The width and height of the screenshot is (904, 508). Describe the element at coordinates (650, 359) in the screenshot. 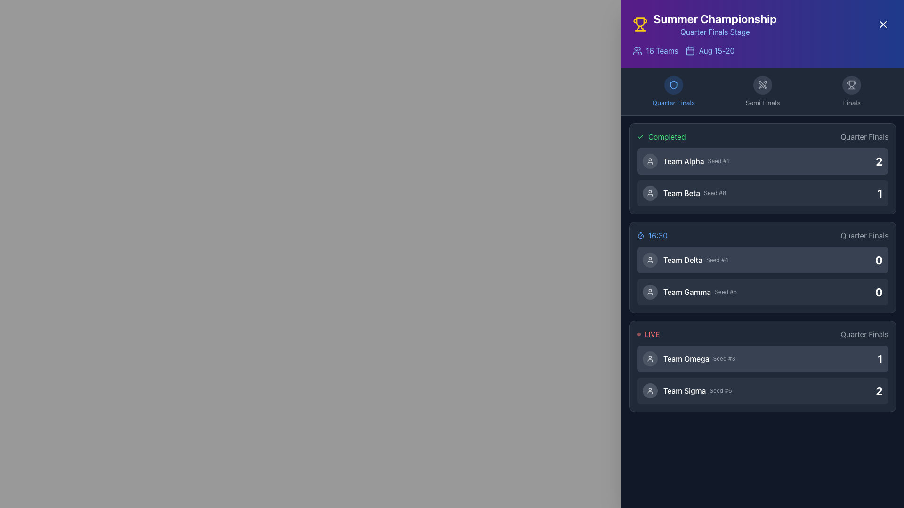

I see `the small, circular user avatar icon located to the left of the 'Team Omega' label in the 'Live' quarter finals section` at that location.